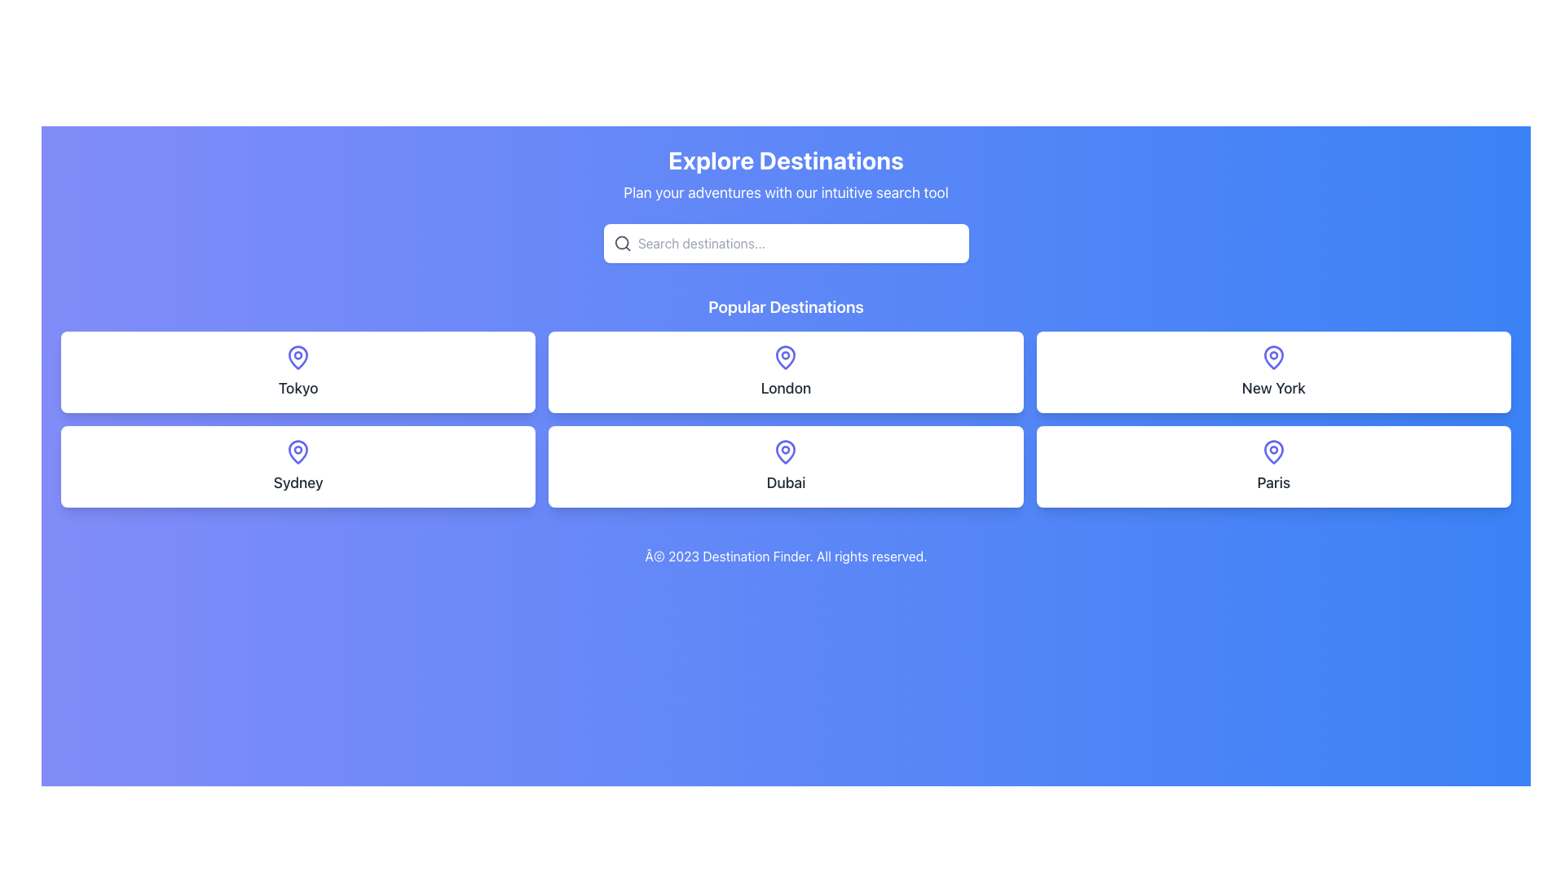  I want to click on the map pin icon representing the city of Tokyo, located in the first card of the 'Popular Destinations' section, so click(298, 357).